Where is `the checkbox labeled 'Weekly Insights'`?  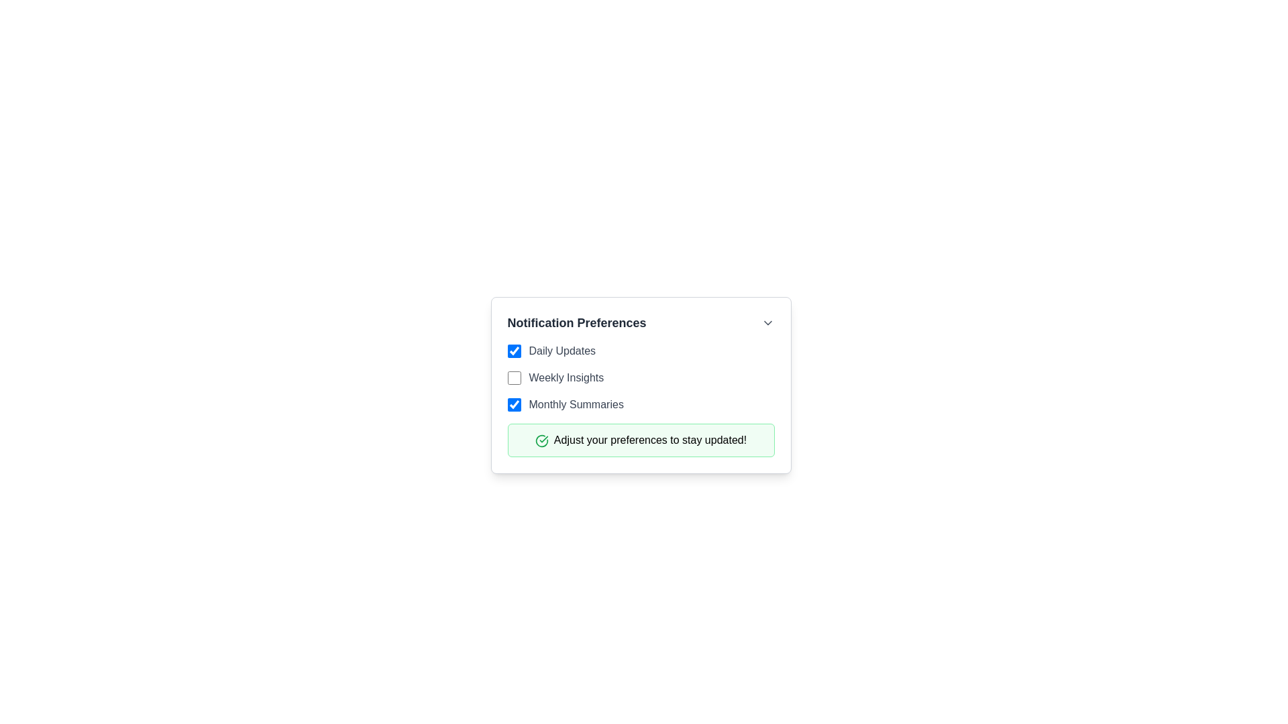 the checkbox labeled 'Weekly Insights' is located at coordinates (640, 377).